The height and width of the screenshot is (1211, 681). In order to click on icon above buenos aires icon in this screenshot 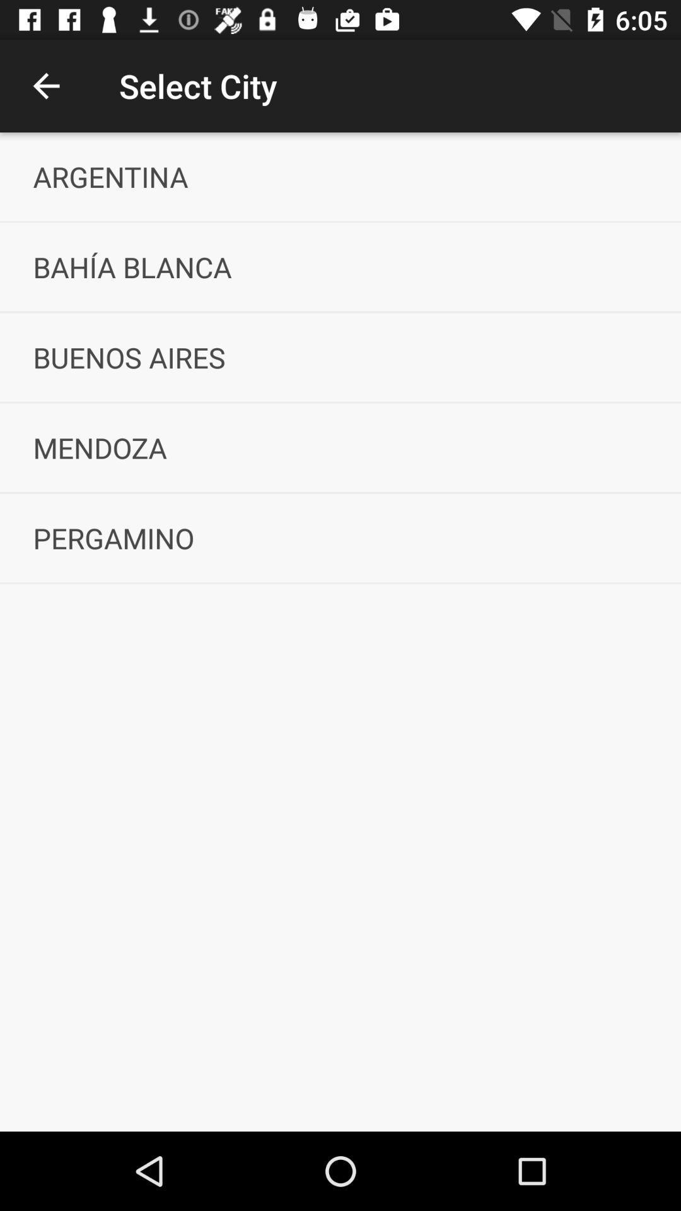, I will do `click(340, 266)`.